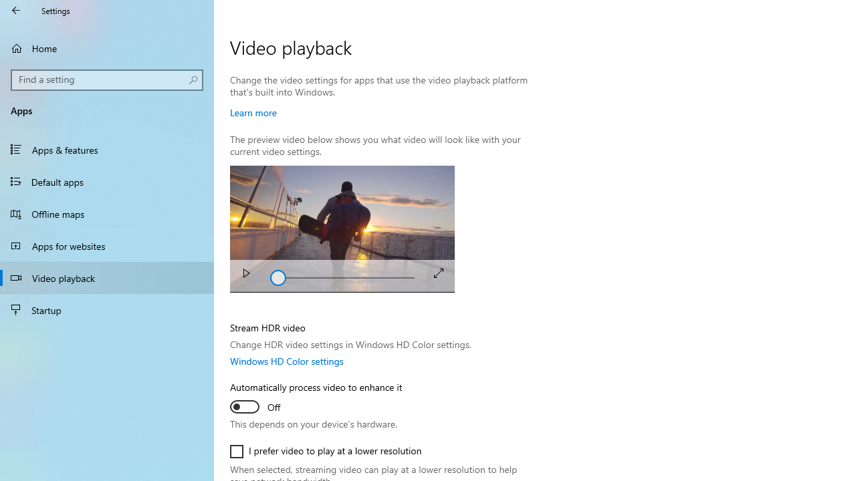  What do you see at coordinates (107, 277) in the screenshot?
I see `'Video playback'` at bounding box center [107, 277].